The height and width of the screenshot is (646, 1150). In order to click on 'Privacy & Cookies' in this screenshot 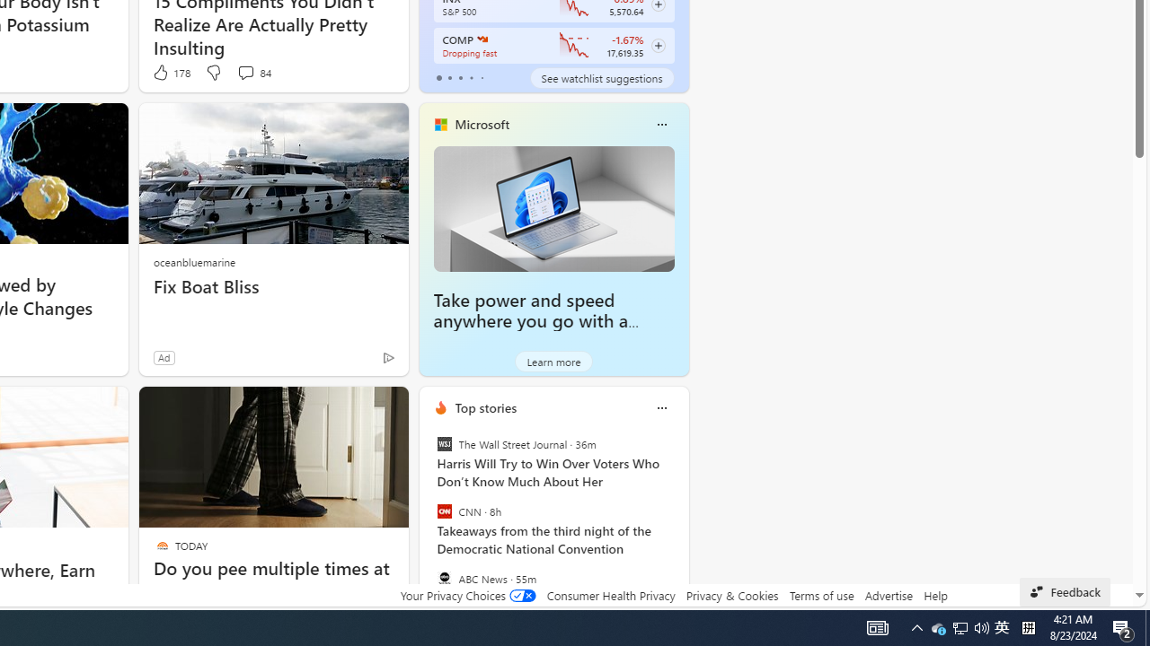, I will do `click(731, 595)`.